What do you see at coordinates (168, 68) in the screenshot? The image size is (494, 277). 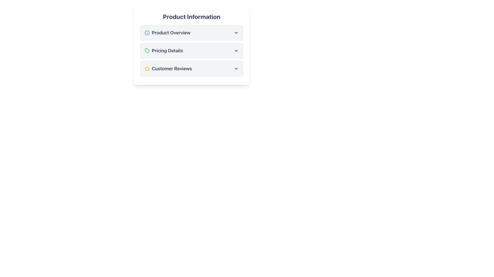 I see `the 'Customer Reviews' text block with the star icon for accessibility navigation` at bounding box center [168, 68].